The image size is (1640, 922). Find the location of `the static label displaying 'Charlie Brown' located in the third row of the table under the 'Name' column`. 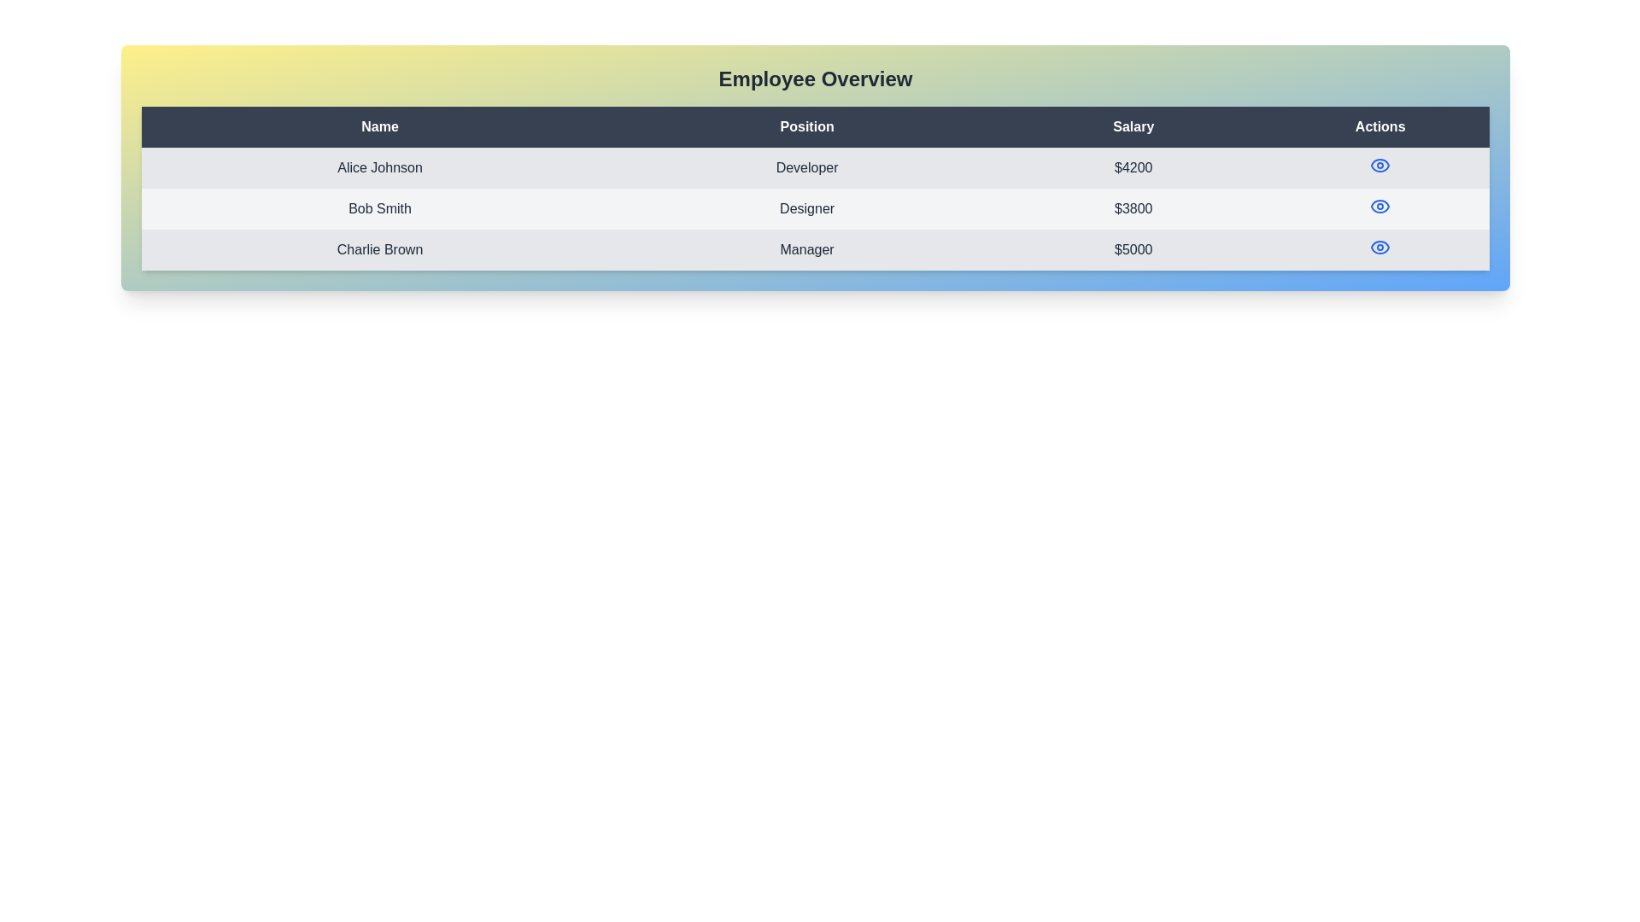

the static label displaying 'Charlie Brown' located in the third row of the table under the 'Name' column is located at coordinates (379, 250).